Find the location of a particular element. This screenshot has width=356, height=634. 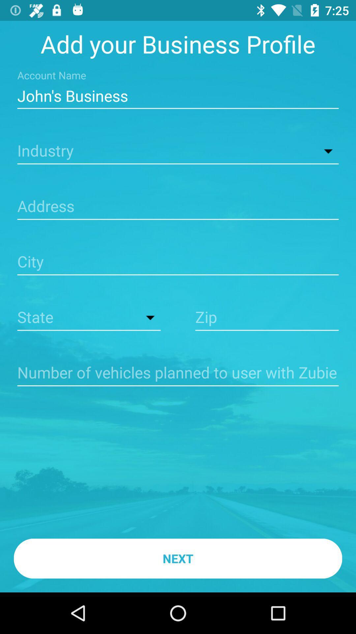

to enter state detail is located at coordinates (89, 318).